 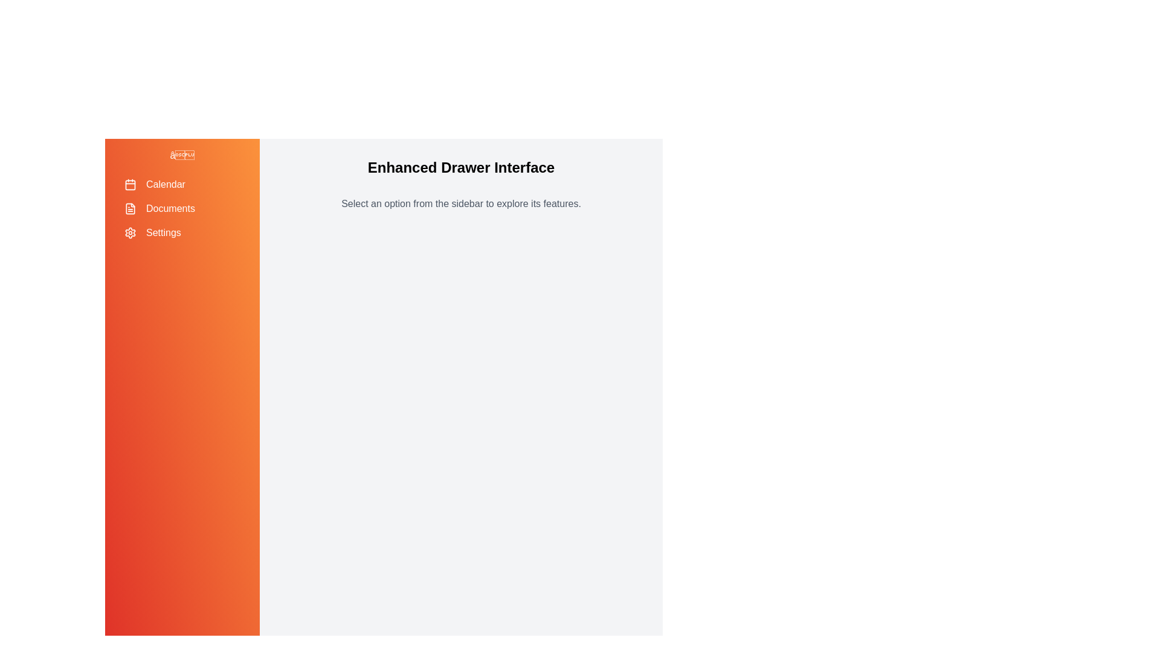 What do you see at coordinates (182, 208) in the screenshot?
I see `the menu item labeled 'Documents' to highlight it` at bounding box center [182, 208].